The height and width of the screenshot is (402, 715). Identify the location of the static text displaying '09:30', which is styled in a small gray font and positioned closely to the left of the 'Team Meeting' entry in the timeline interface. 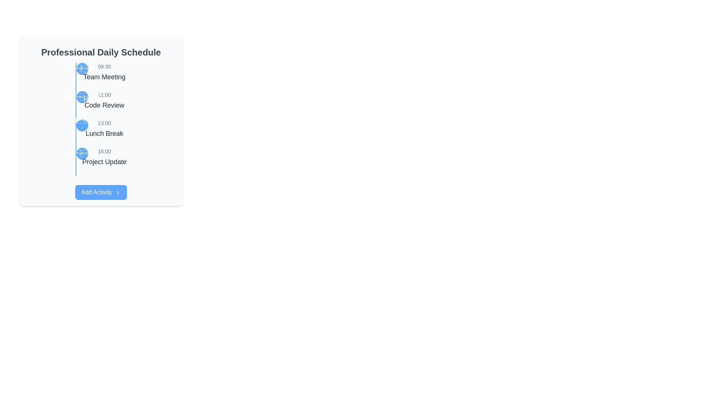
(104, 66).